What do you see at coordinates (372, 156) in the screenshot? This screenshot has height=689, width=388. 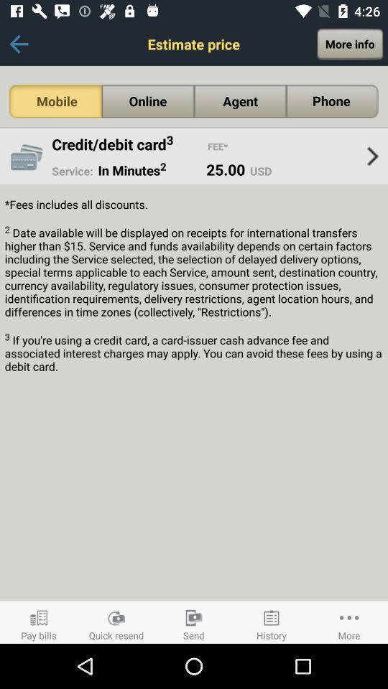 I see `the icon above fees includes all icon` at bounding box center [372, 156].